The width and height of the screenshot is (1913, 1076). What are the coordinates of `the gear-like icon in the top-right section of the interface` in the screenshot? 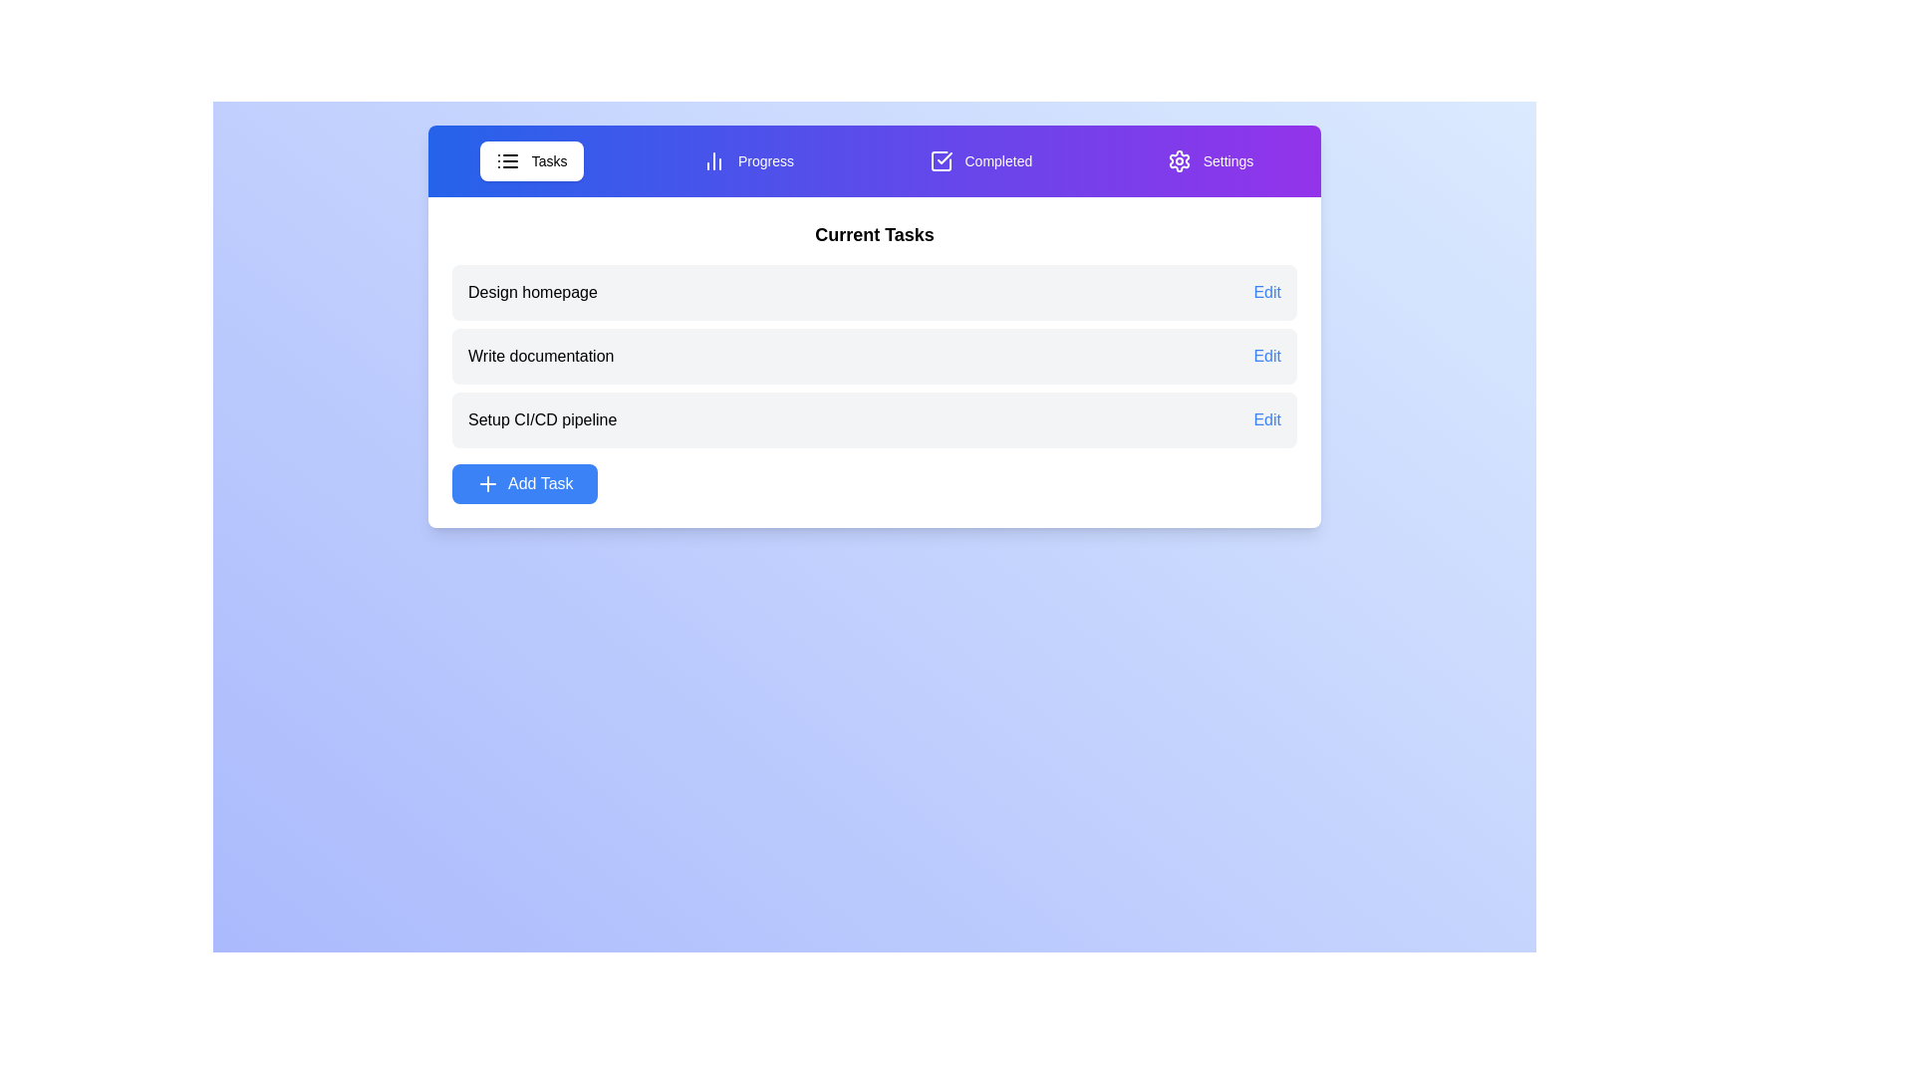 It's located at (1179, 160).